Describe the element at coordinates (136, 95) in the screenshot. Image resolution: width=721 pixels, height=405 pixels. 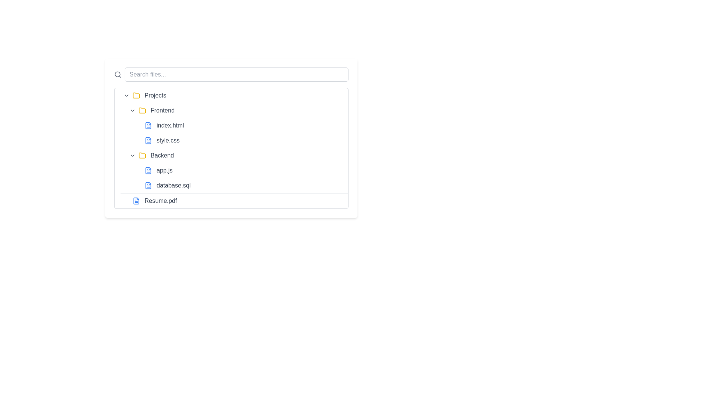
I see `the folder icon representing 'Projects' located to the left of the text in the expandable file tree structure` at that location.